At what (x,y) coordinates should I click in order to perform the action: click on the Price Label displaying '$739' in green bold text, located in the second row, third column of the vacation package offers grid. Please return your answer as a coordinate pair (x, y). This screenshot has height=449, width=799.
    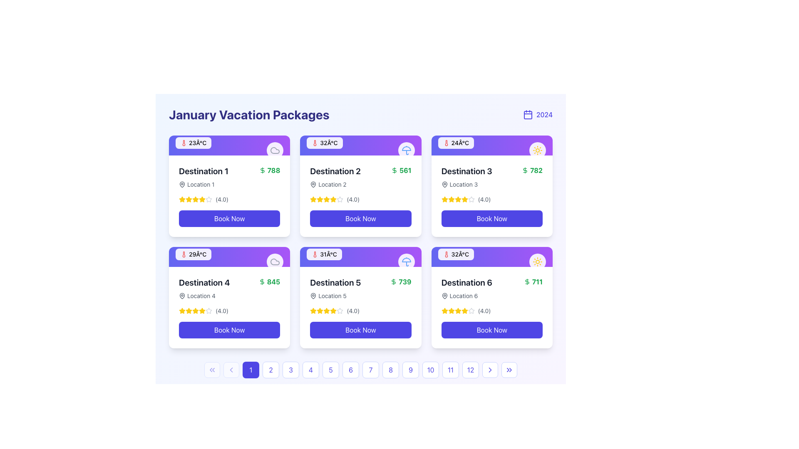
    Looking at the image, I should click on (401, 281).